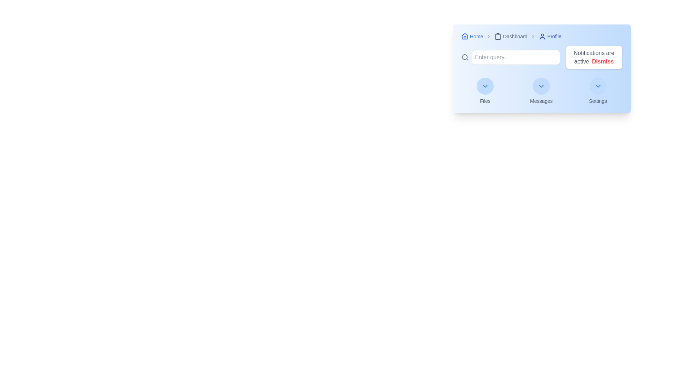  I want to click on the right-facing chevron icon styled in gray with a rounded stroke, which is the third chevron in the breadcrumb navigation bar positioned after the 'Dashboard' text, so click(533, 37).